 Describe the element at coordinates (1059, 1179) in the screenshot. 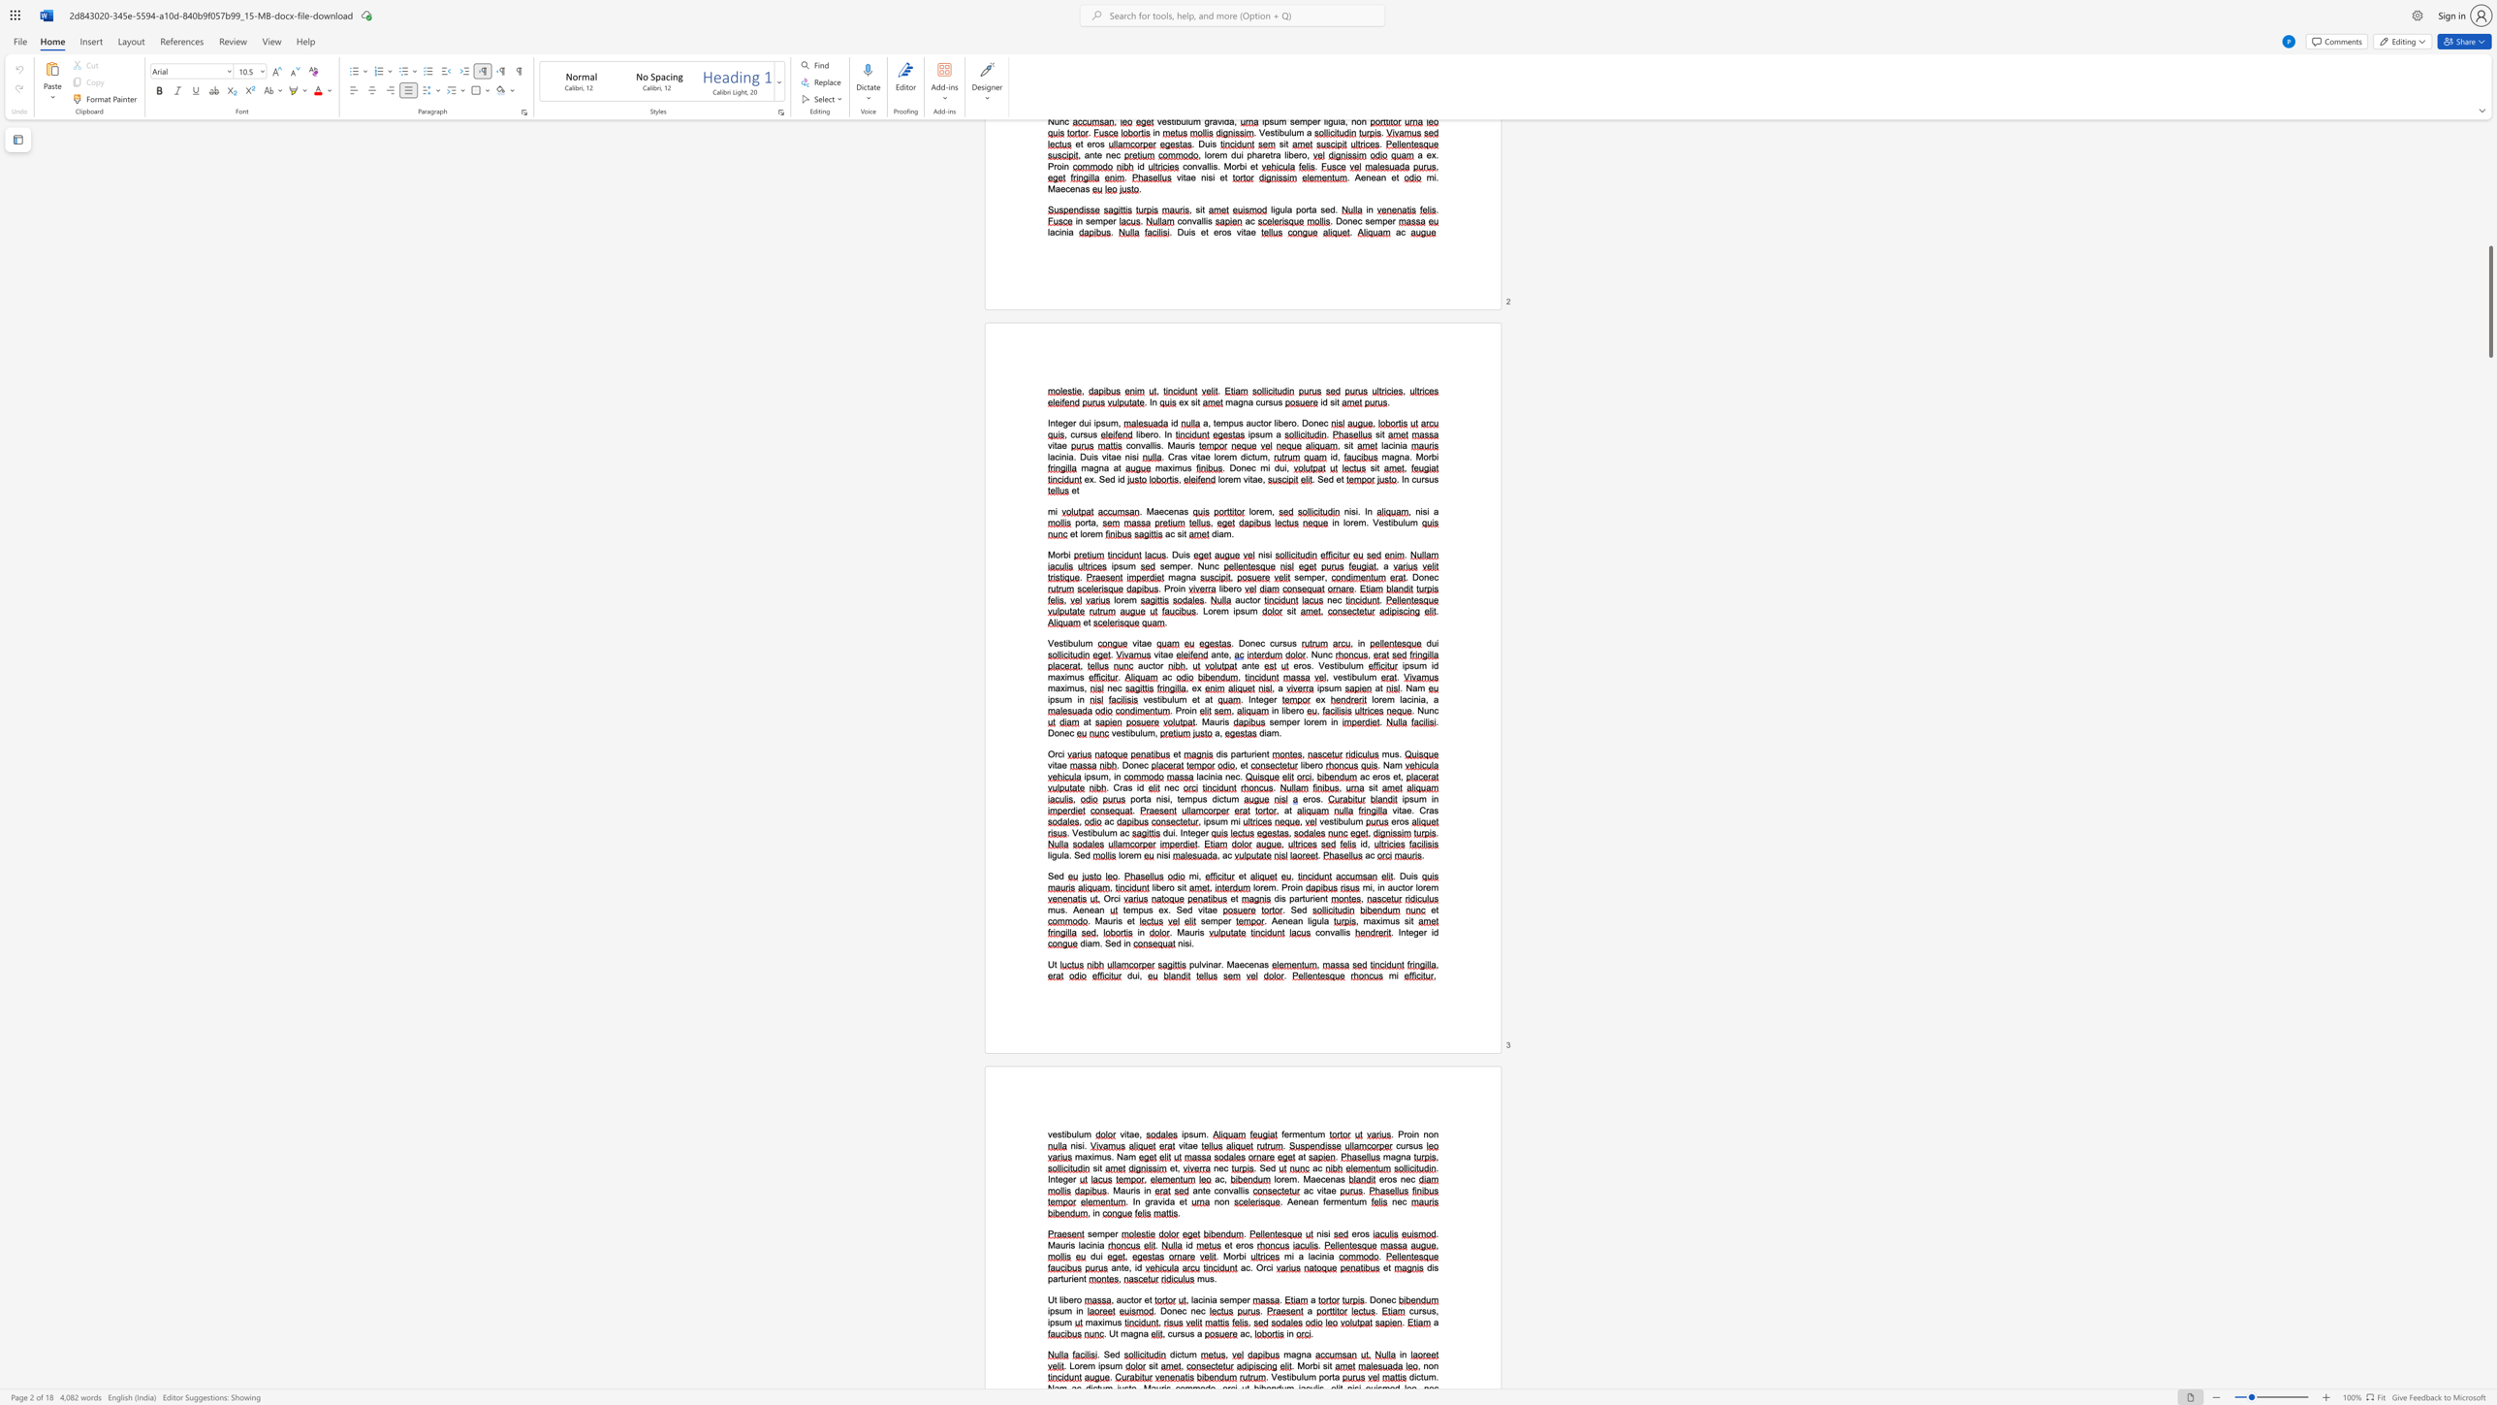

I see `the space between the continuous character "t" and "e" in the text` at that location.